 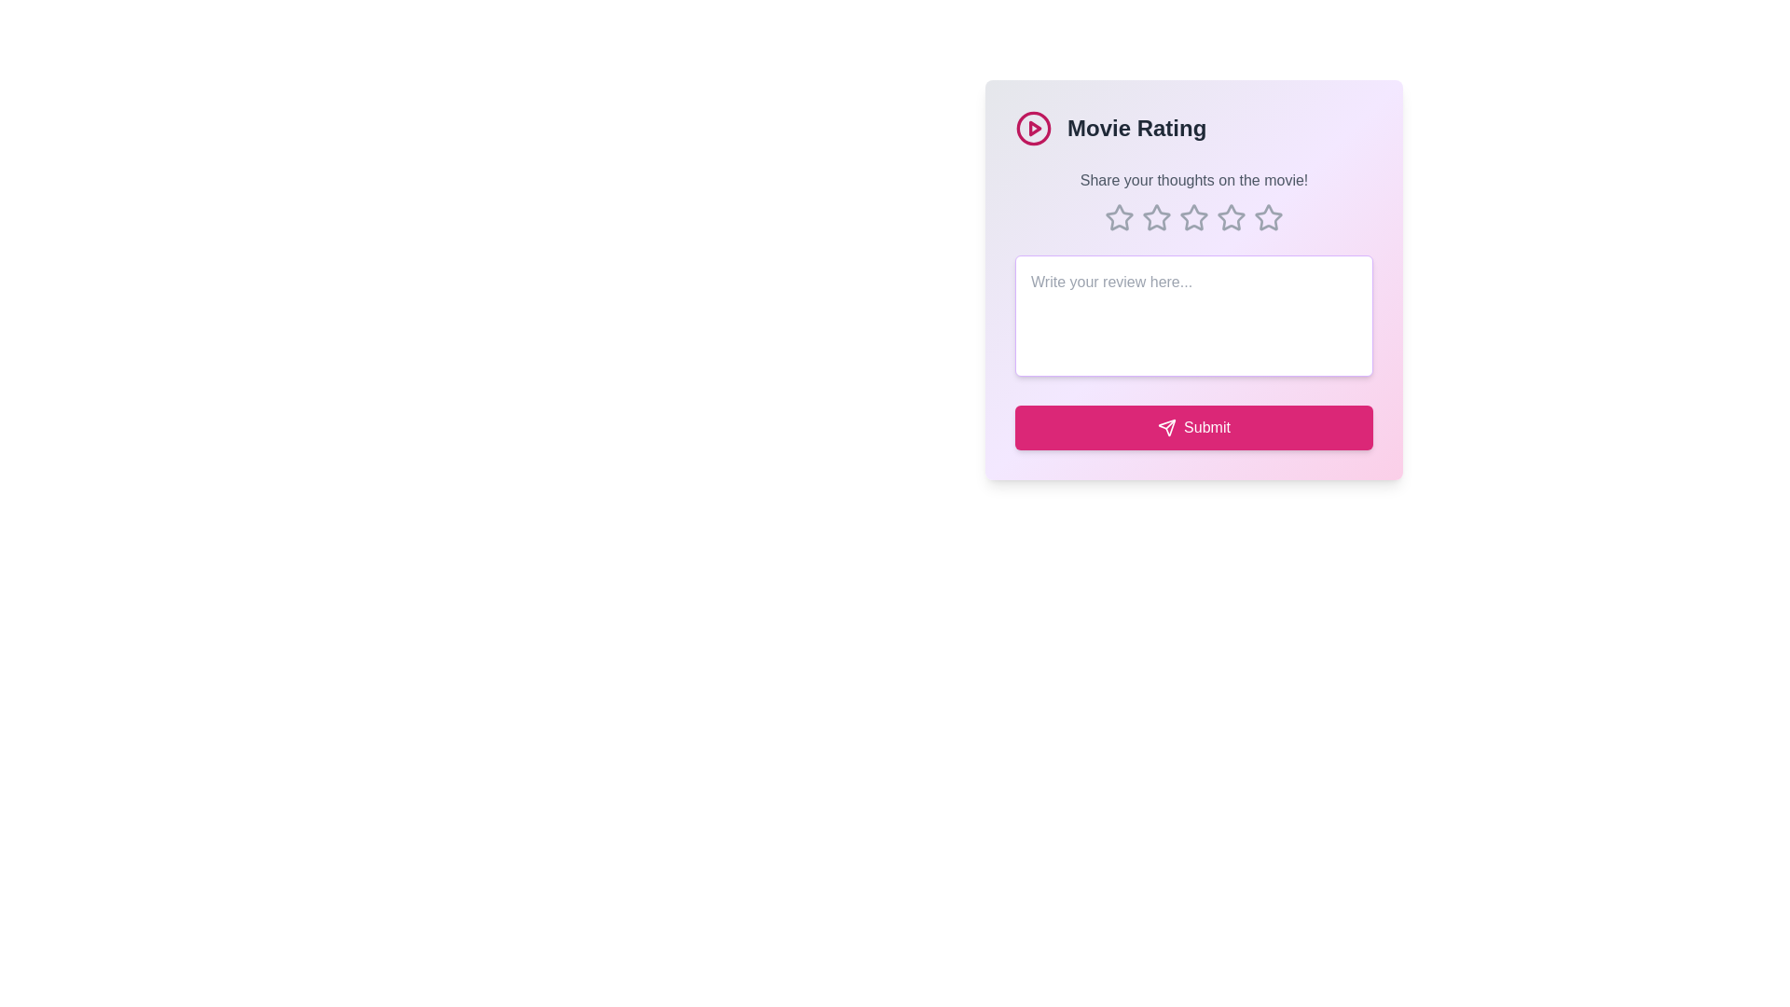 What do you see at coordinates (1207, 428) in the screenshot?
I see `the pink button labeled 'Submit' located at the bottom center of the card` at bounding box center [1207, 428].